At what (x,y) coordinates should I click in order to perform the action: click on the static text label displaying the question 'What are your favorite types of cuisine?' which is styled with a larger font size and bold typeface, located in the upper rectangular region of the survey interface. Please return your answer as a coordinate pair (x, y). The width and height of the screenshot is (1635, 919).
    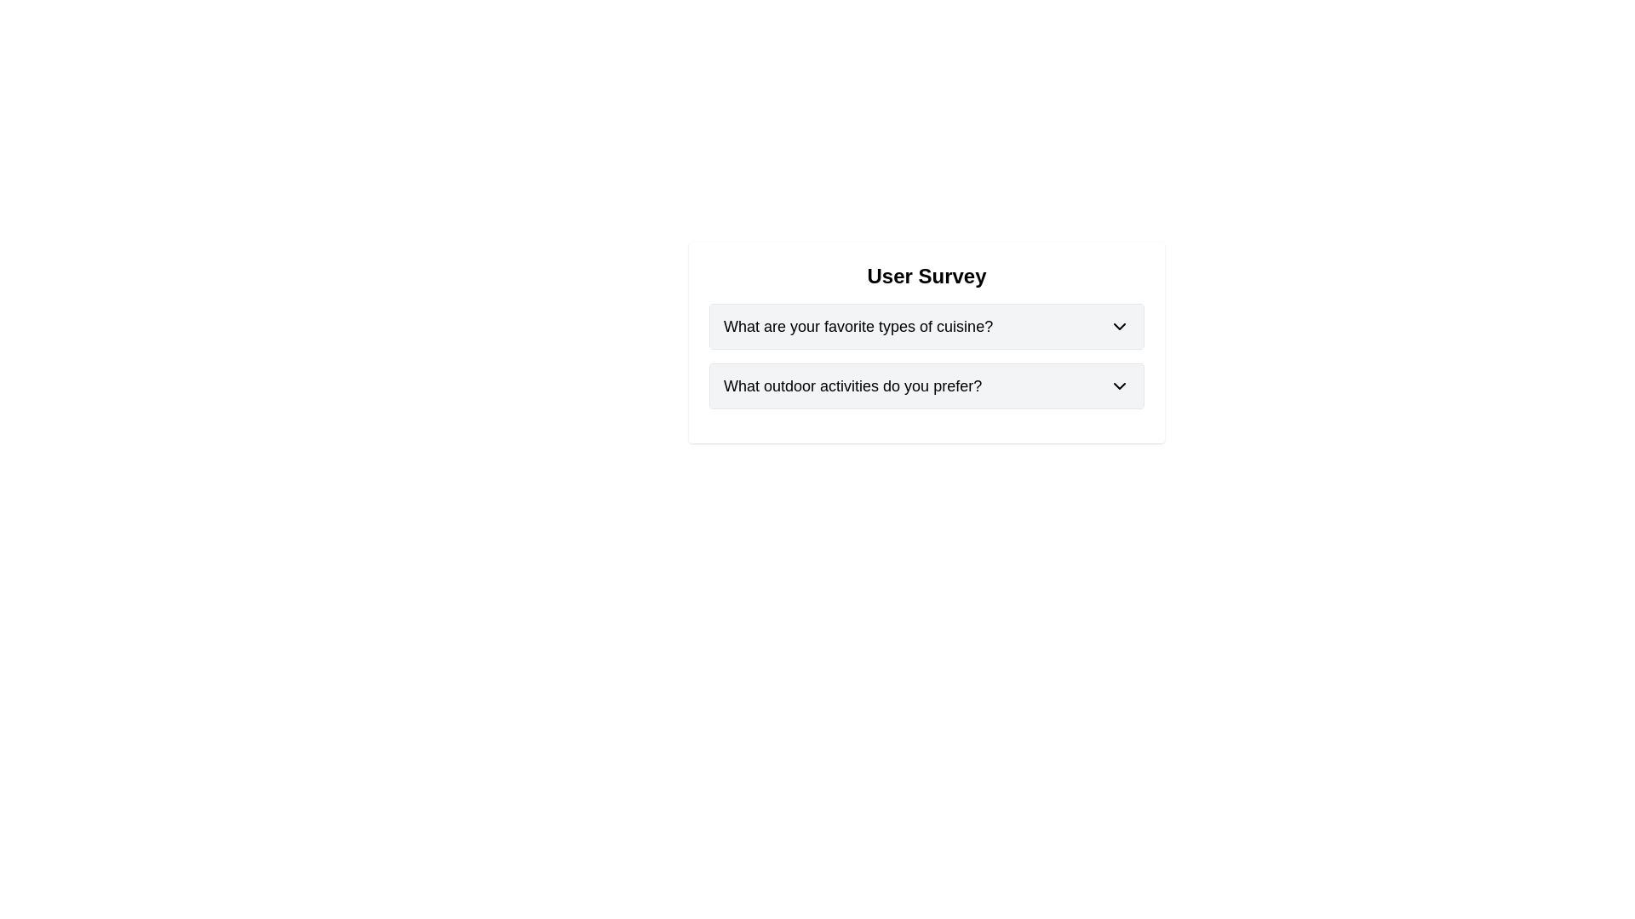
    Looking at the image, I should click on (858, 327).